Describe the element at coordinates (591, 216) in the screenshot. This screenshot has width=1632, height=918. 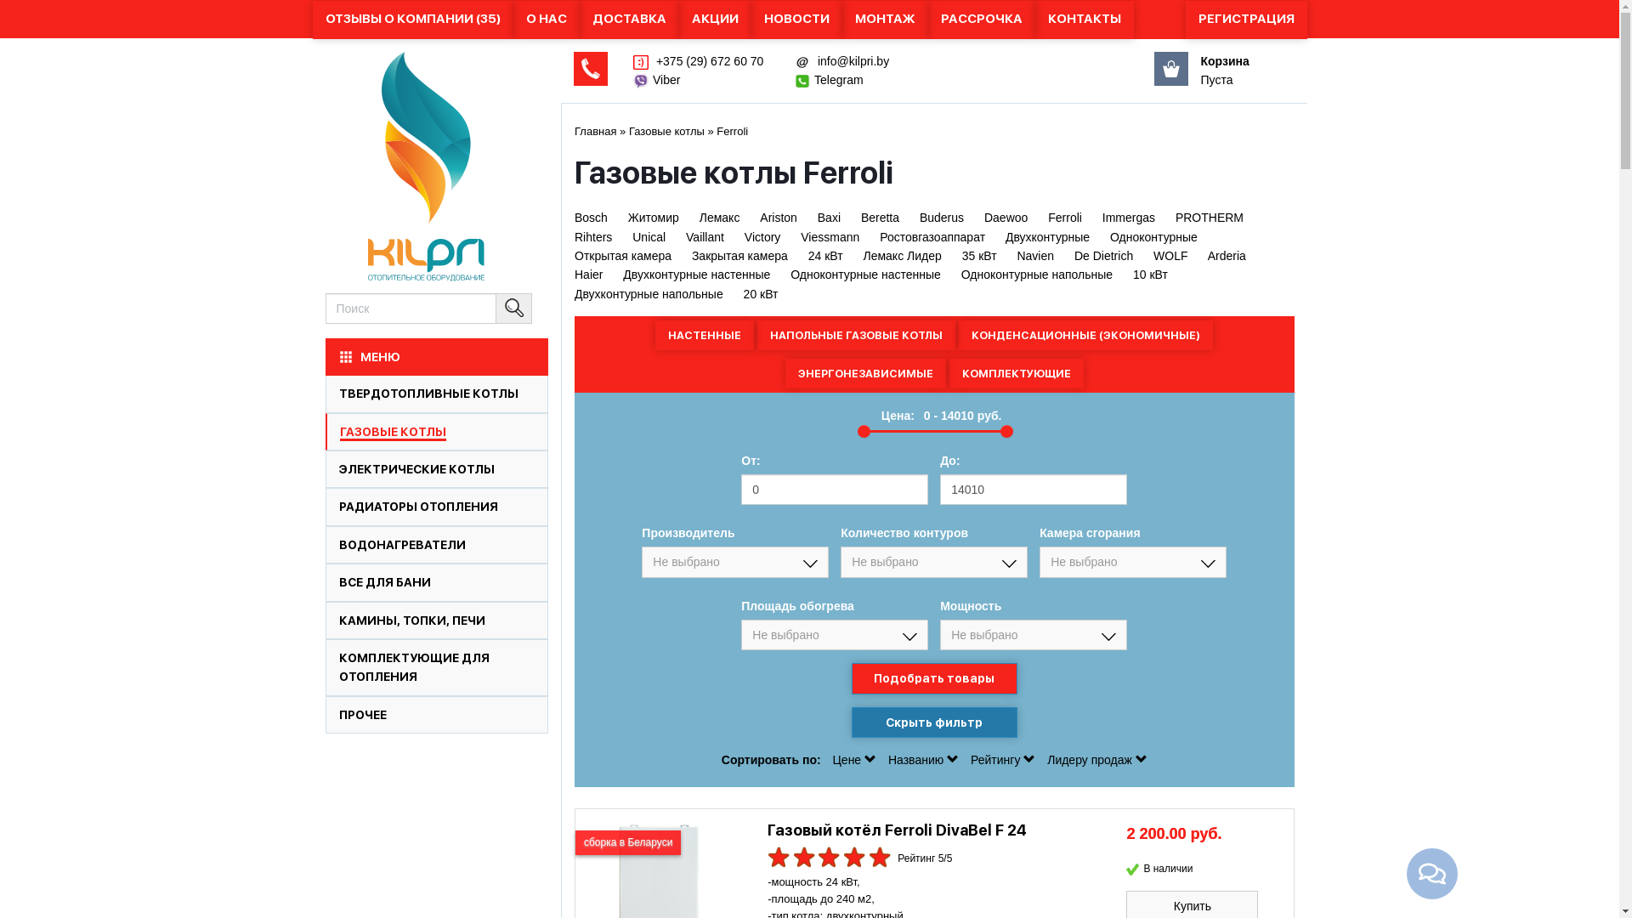
I see `'Bosch'` at that location.